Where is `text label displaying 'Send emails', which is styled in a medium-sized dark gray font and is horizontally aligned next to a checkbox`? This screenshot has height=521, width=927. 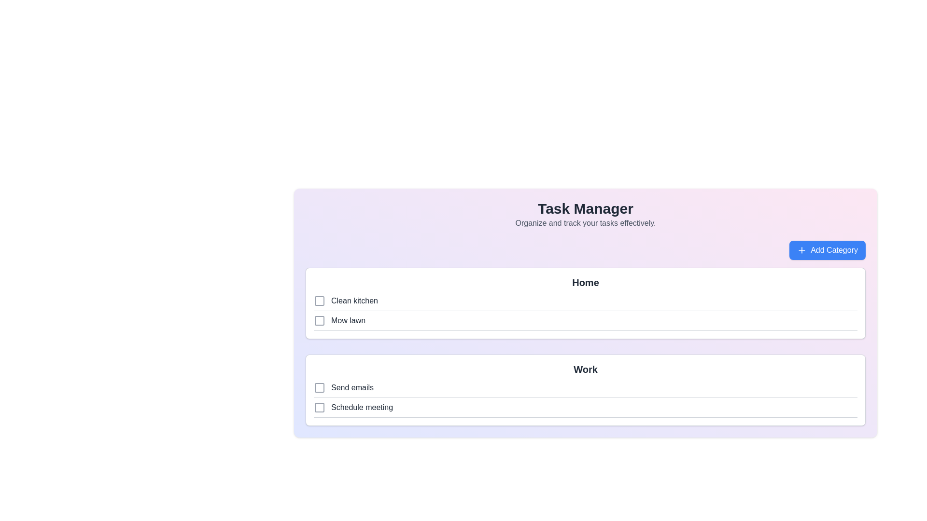 text label displaying 'Send emails', which is styled in a medium-sized dark gray font and is horizontally aligned next to a checkbox is located at coordinates (351, 387).